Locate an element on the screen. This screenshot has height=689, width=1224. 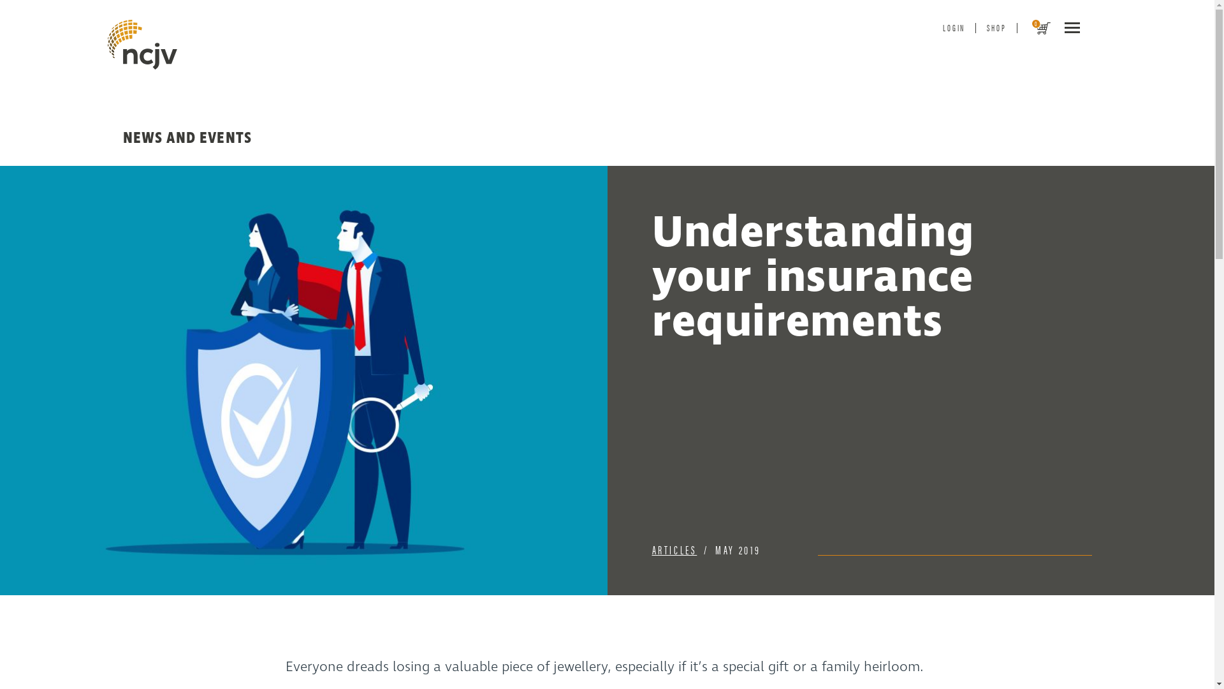
'ARTICLES' is located at coordinates (652, 548).